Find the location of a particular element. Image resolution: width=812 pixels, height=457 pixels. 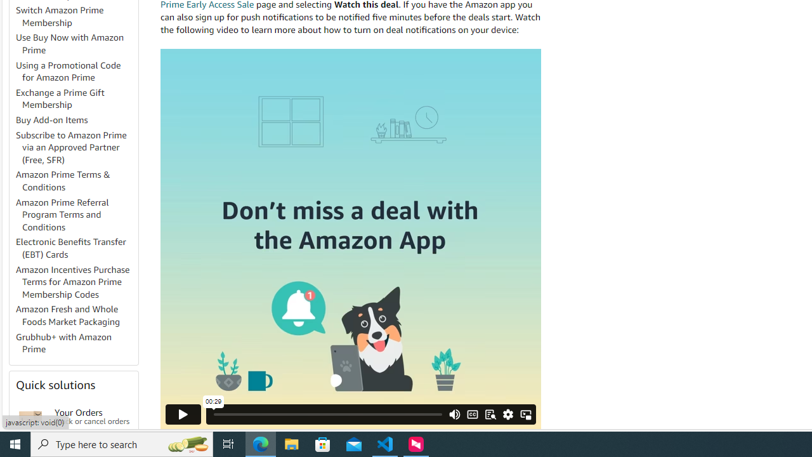

'Buy Add-on Items' is located at coordinates (51, 120).